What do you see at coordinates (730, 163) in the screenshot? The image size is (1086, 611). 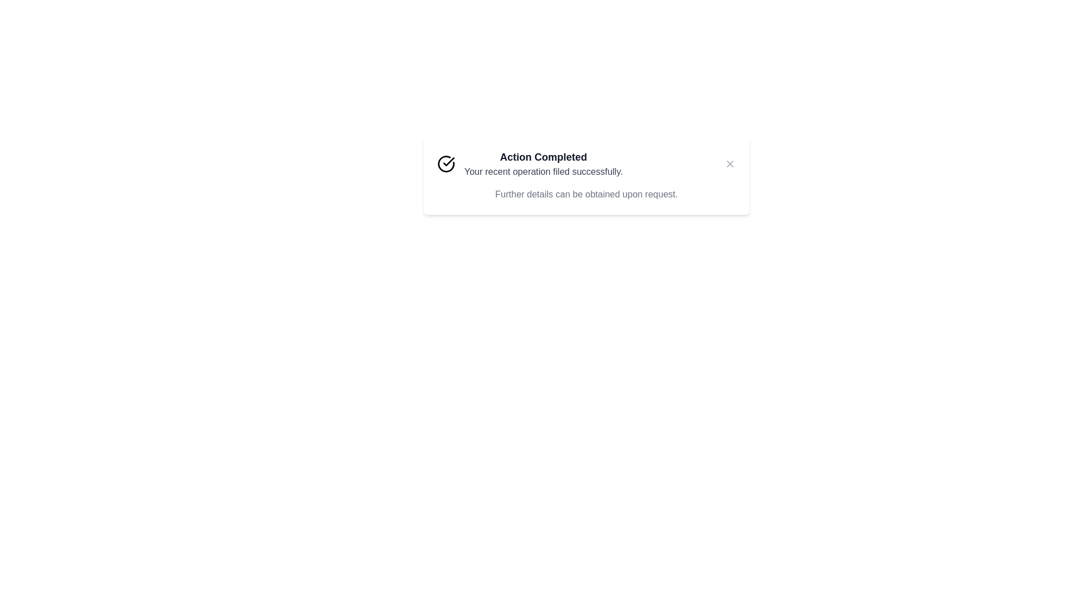 I see `the close button located at the upper-right corner of the notification panel to observe the color change` at bounding box center [730, 163].